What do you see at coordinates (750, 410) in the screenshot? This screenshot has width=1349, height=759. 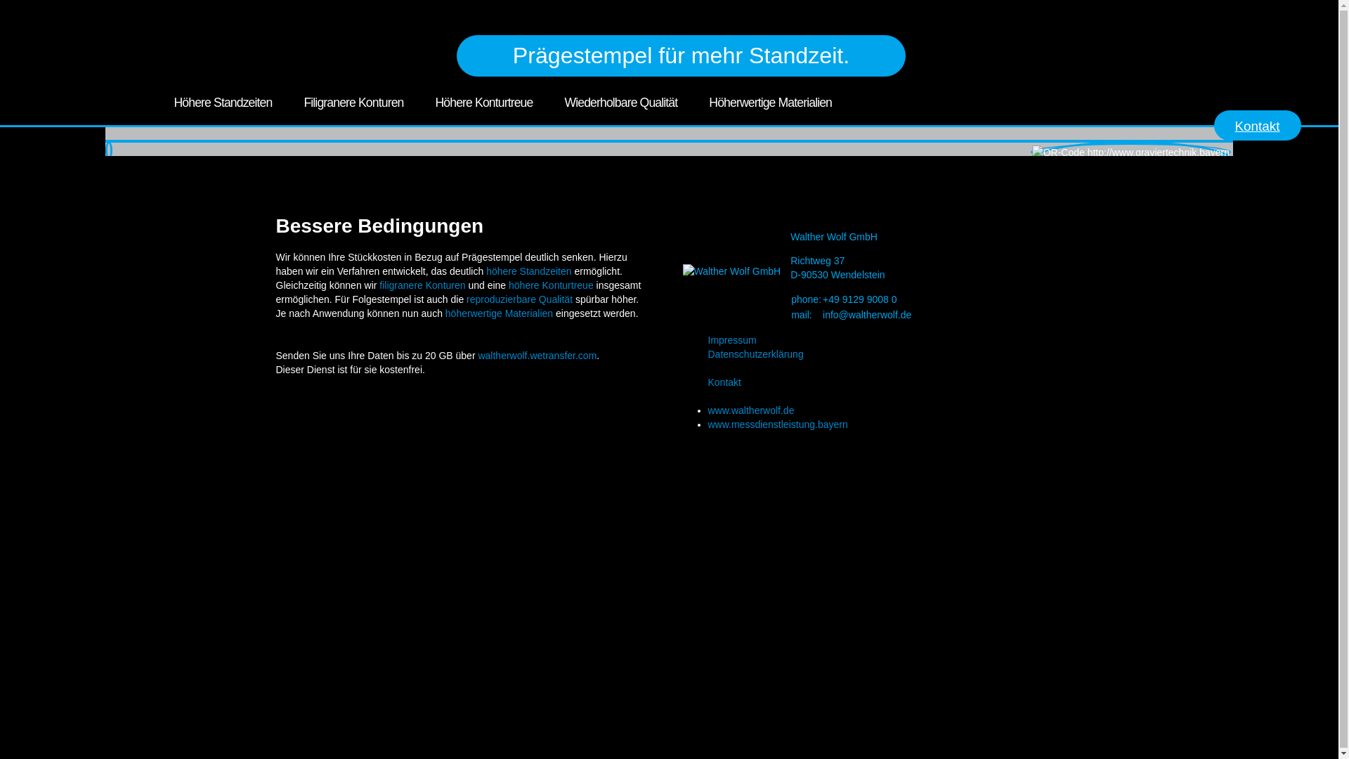 I see `'www.waltherwolf.de'` at bounding box center [750, 410].